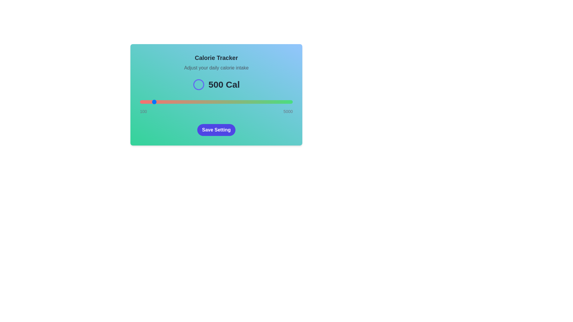 The image size is (573, 322). I want to click on the slider to 4296 calories to observe the color gradient, so click(270, 102).